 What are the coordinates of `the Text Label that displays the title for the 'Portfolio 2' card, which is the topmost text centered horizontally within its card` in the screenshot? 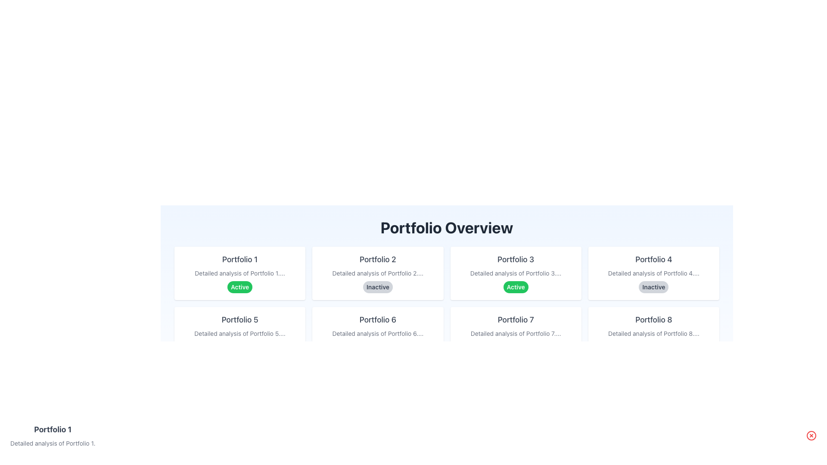 It's located at (378, 259).